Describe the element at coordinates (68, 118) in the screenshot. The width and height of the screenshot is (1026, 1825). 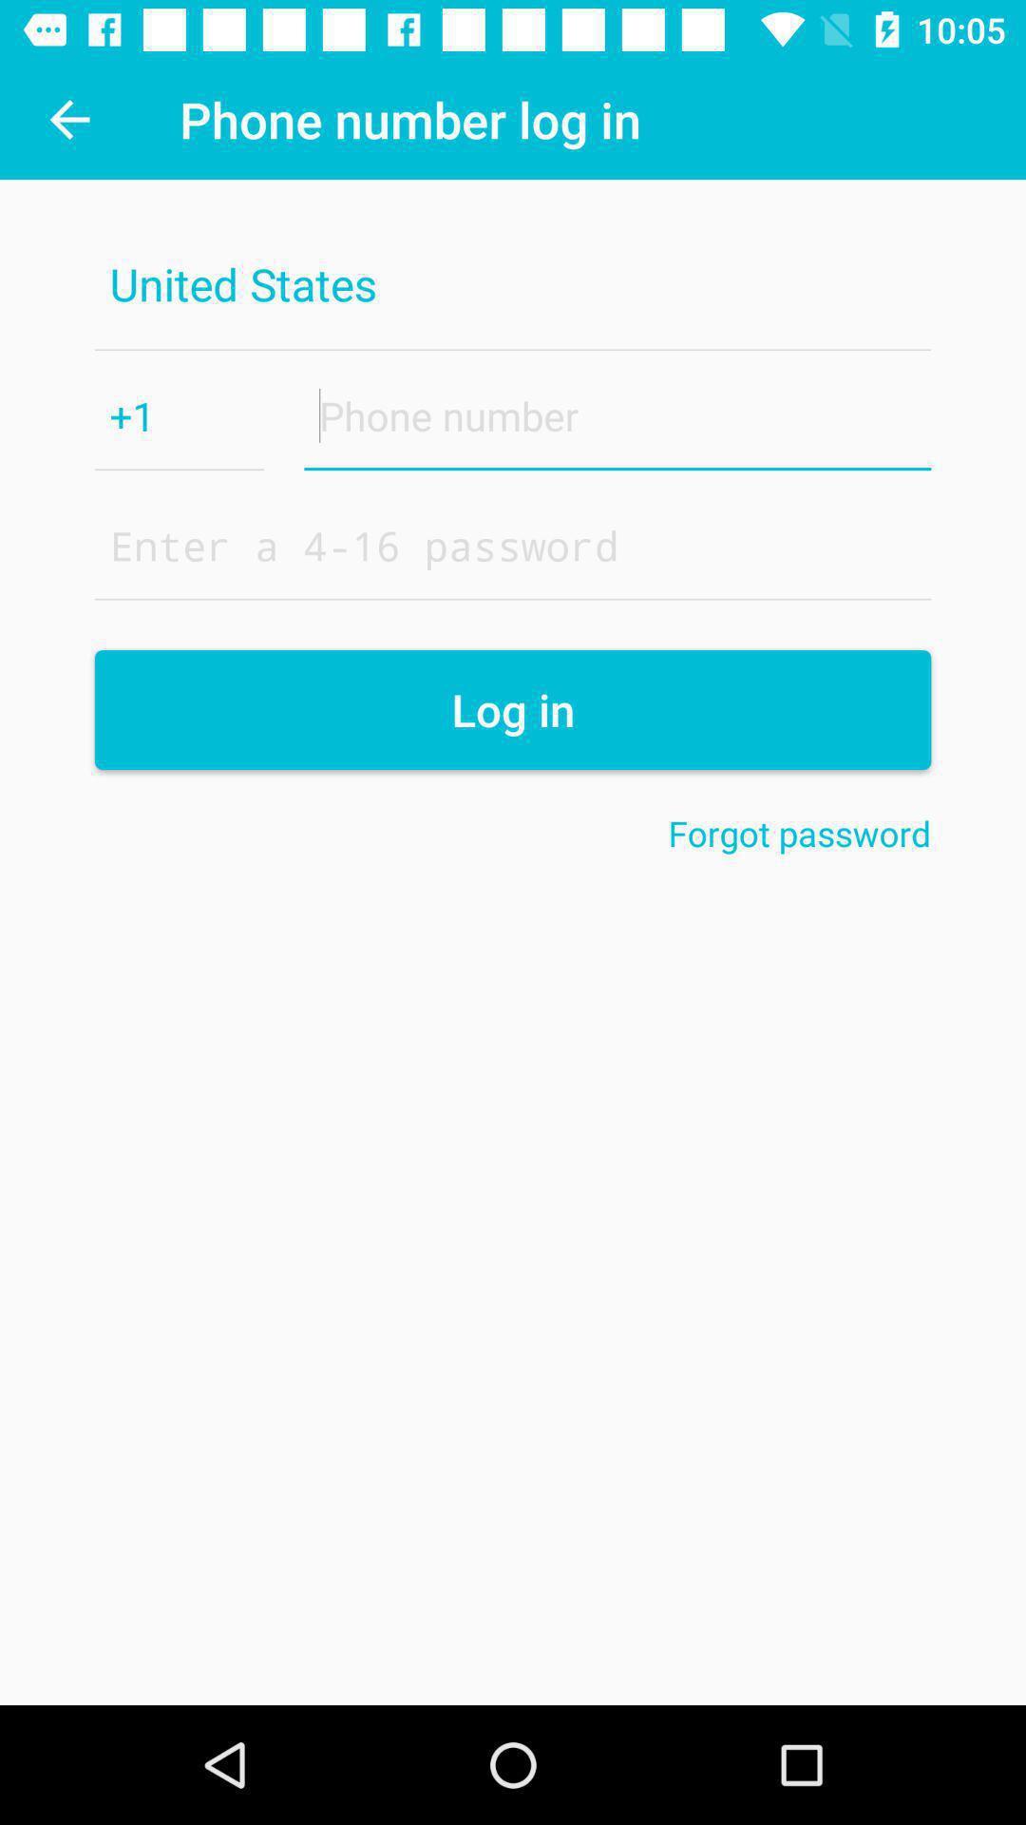
I see `the icon above the united states` at that location.